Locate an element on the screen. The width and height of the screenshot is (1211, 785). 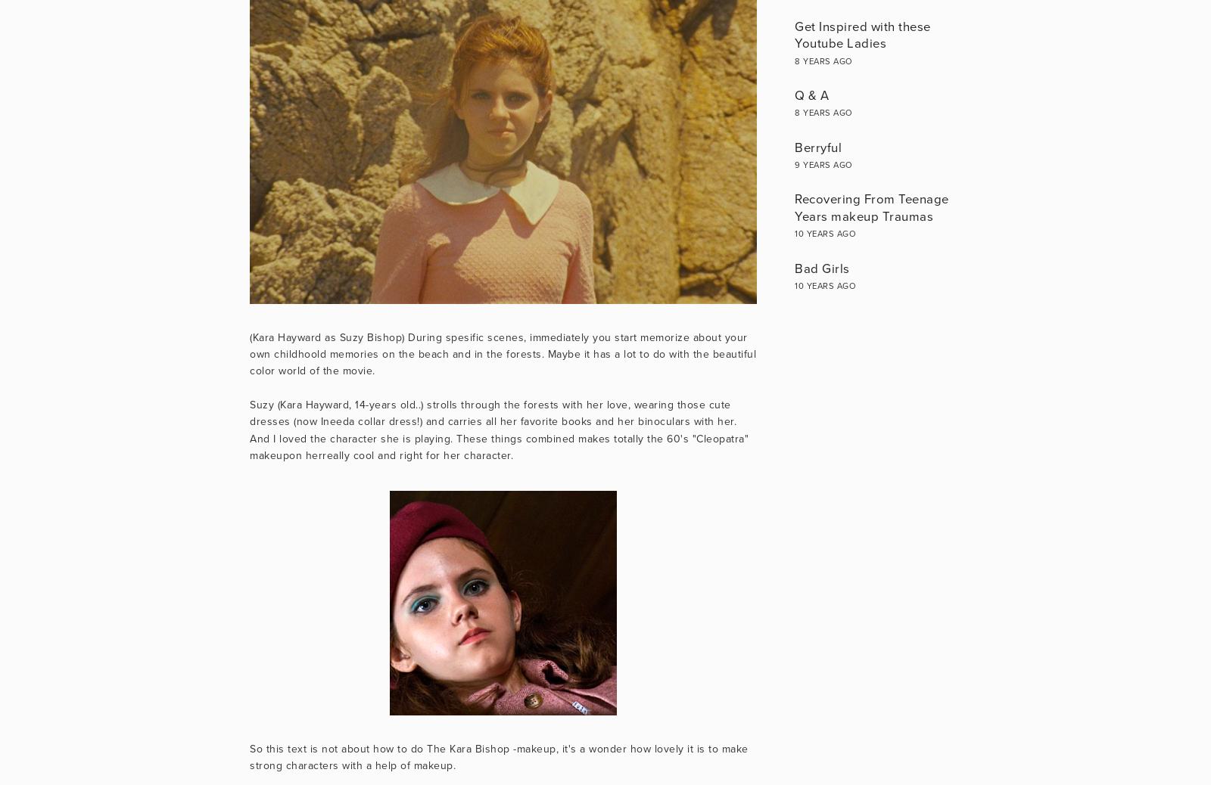
'Bad Girls' is located at coordinates (821, 268).